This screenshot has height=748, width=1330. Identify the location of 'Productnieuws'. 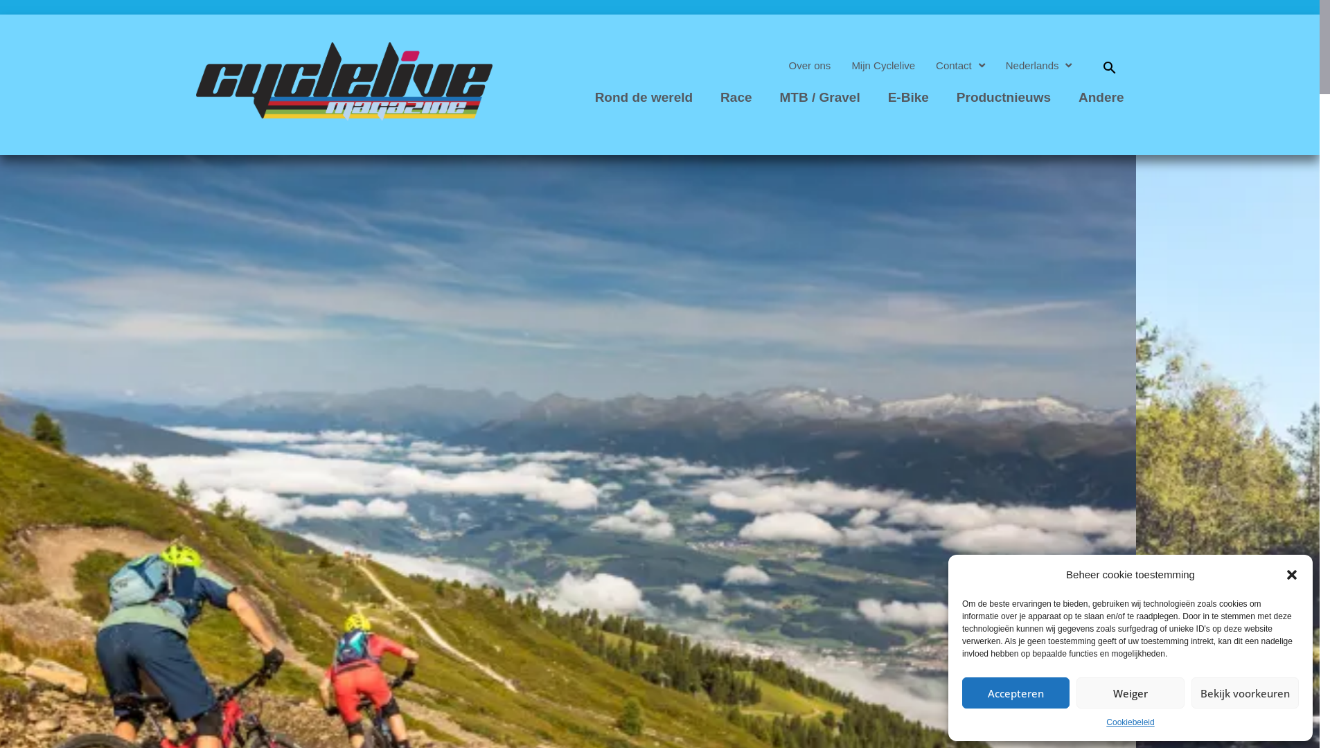
(1004, 97).